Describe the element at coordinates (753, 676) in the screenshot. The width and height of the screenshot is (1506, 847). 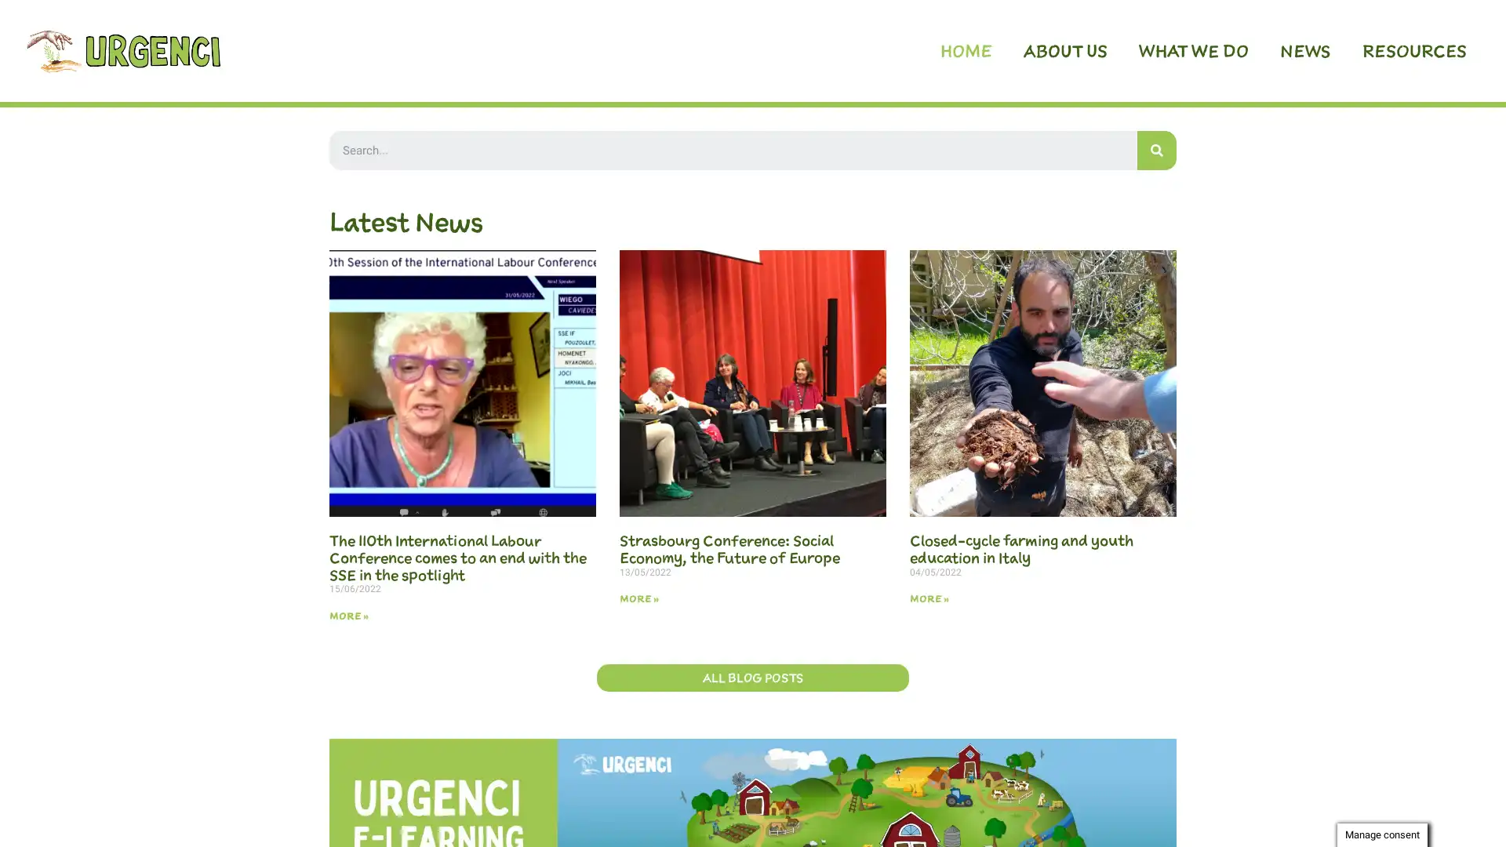
I see `ALL BLOG POSTS` at that location.